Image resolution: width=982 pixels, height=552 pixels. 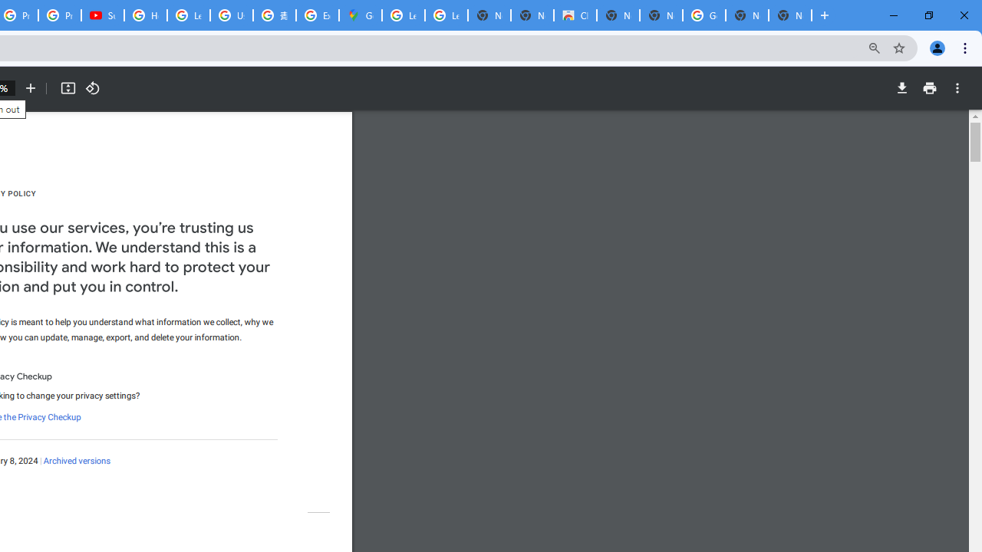 I want to click on 'Zoom in', so click(x=30, y=88).